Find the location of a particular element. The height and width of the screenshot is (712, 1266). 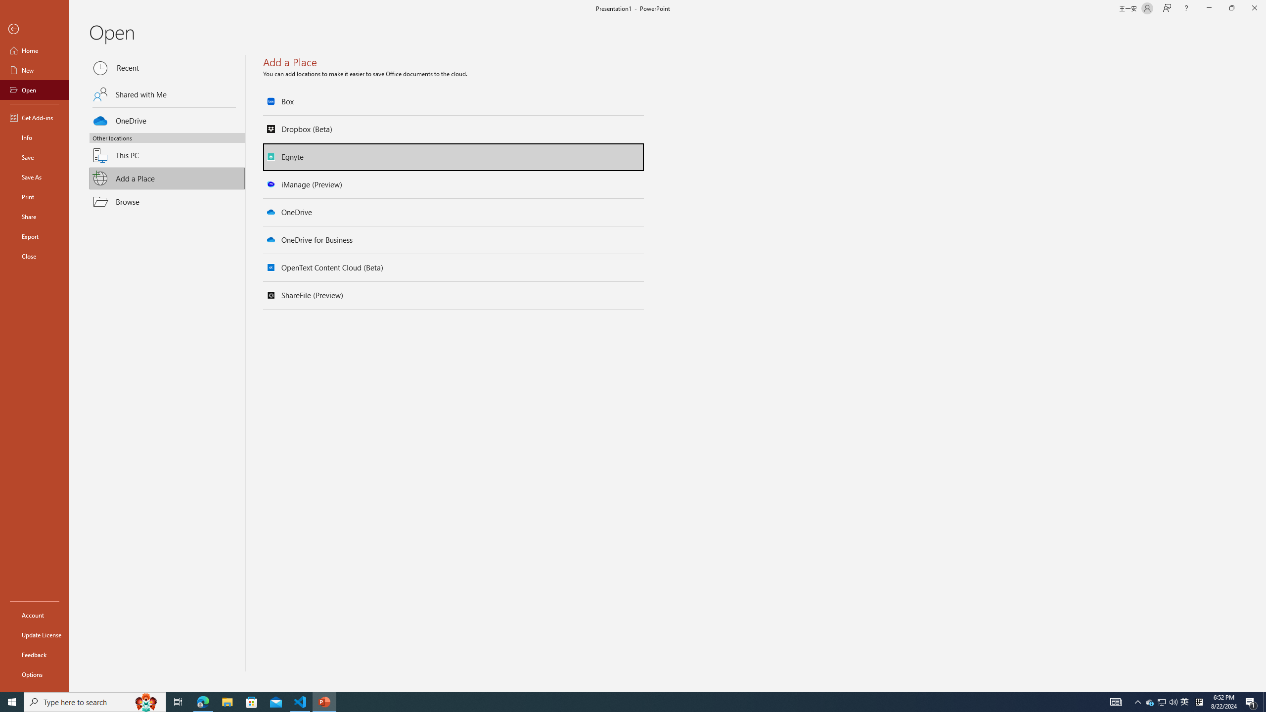

'OneDrive' is located at coordinates (167, 119).